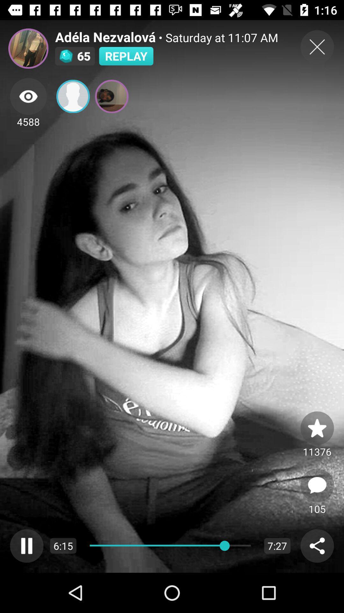 This screenshot has height=613, width=344. What do you see at coordinates (26, 545) in the screenshot?
I see `the pause icon` at bounding box center [26, 545].